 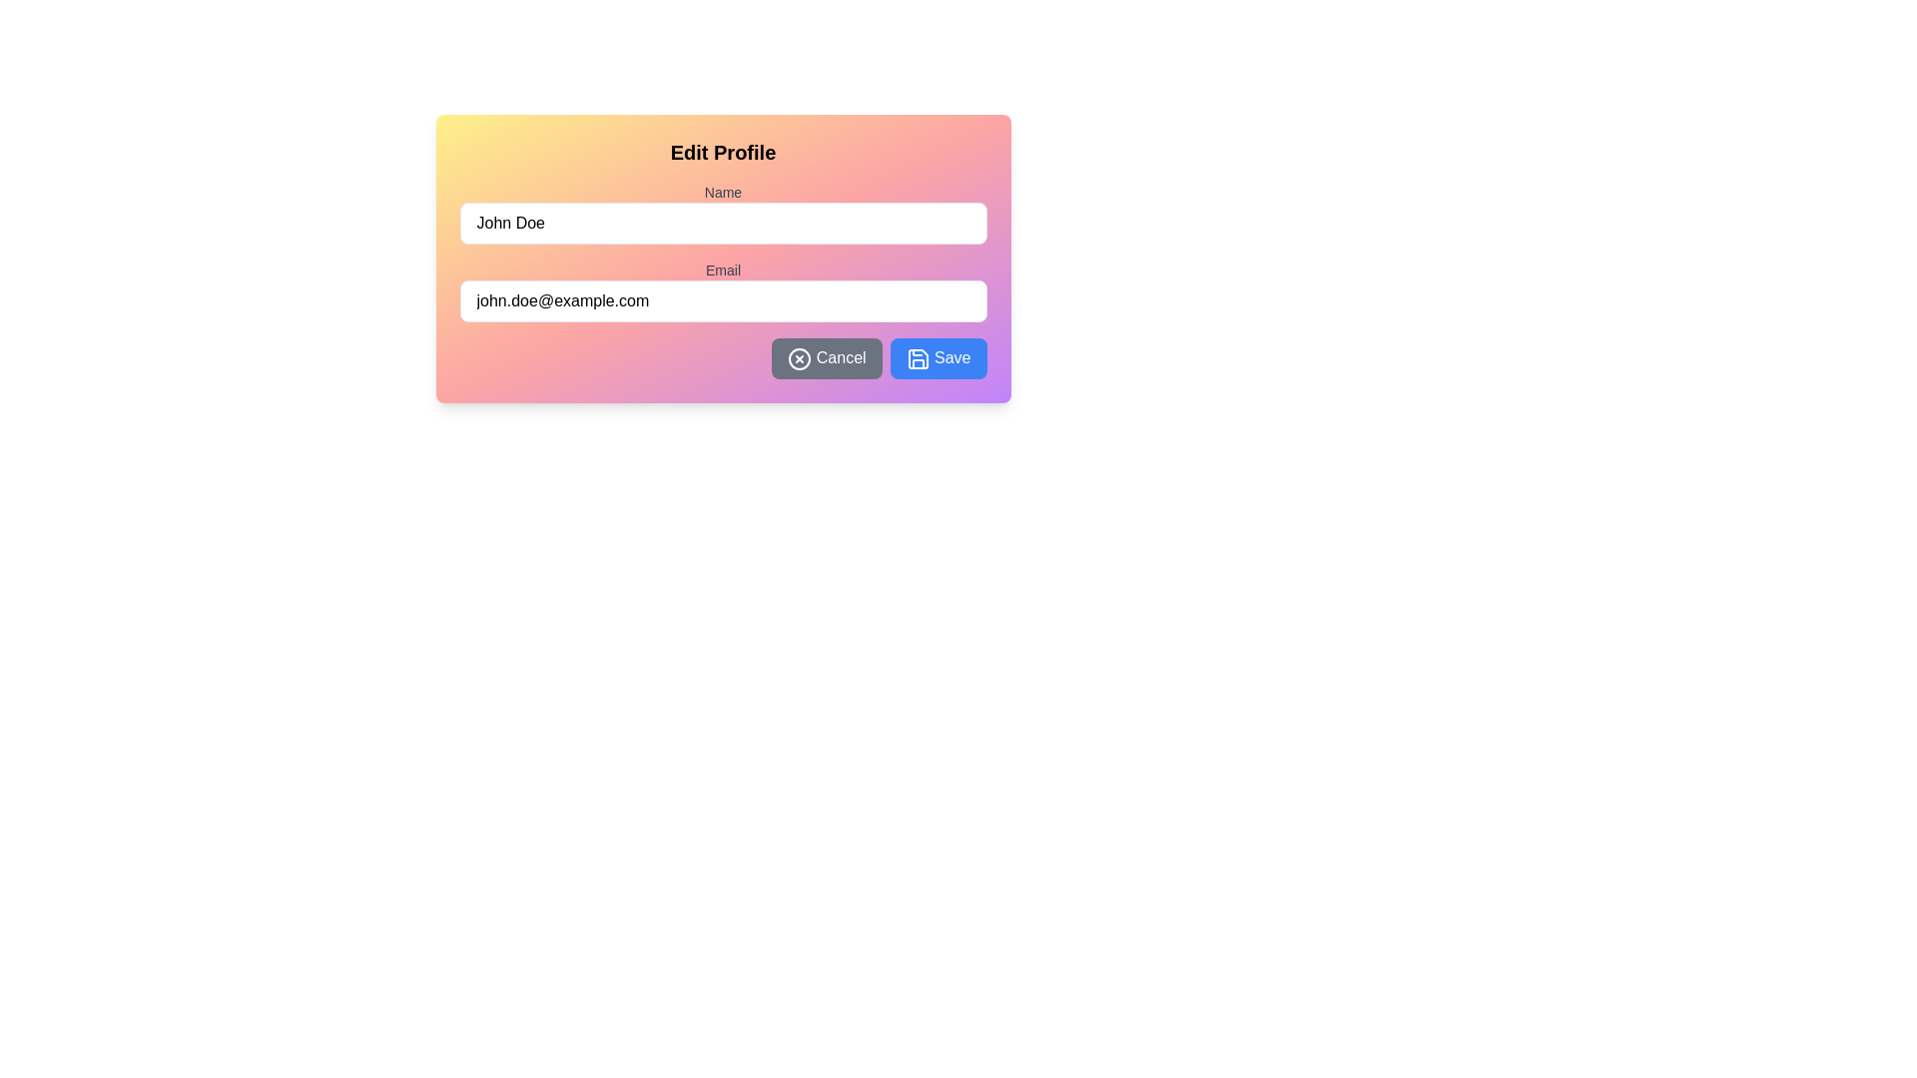 What do you see at coordinates (917, 357) in the screenshot?
I see `the floppy disk SVG icon representing the 'Save' action` at bounding box center [917, 357].